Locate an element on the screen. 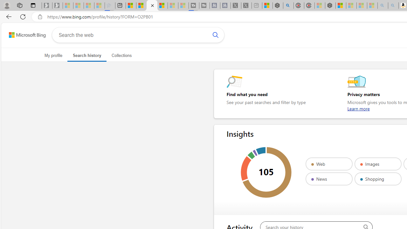 The width and height of the screenshot is (407, 229). 'Streaming Coverage | T3 - Sleeping' is located at coordinates (193, 5).